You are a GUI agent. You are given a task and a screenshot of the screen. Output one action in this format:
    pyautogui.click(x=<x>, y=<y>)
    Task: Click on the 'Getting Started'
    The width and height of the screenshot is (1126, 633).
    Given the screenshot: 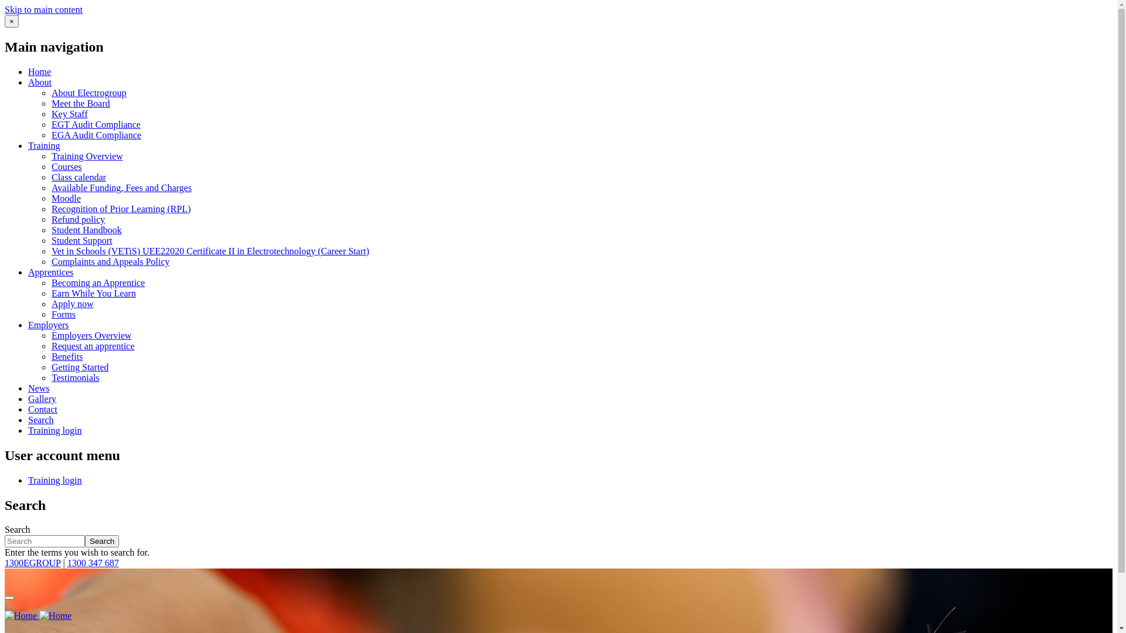 What is the action you would take?
    pyautogui.click(x=79, y=366)
    